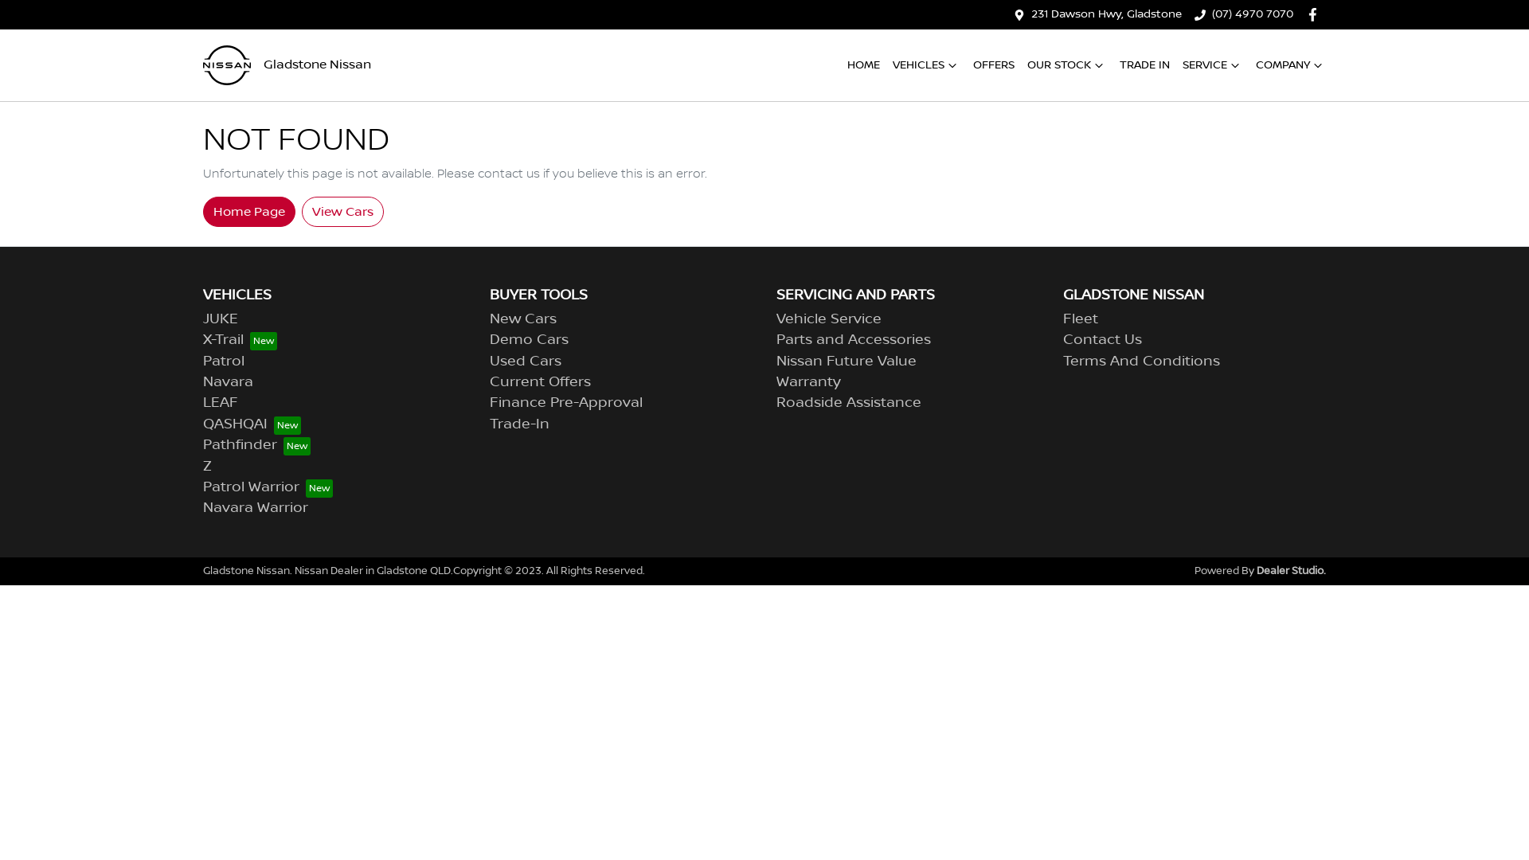 The width and height of the screenshot is (1529, 860). Describe the element at coordinates (206, 466) in the screenshot. I see `'Z'` at that location.